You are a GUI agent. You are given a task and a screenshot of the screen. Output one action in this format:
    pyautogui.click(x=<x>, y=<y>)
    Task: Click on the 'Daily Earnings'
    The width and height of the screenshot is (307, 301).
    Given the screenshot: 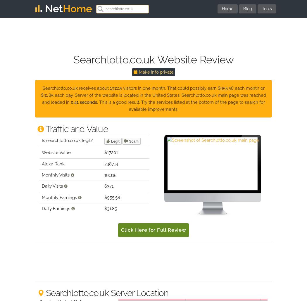 What is the action you would take?
    pyautogui.click(x=56, y=208)
    